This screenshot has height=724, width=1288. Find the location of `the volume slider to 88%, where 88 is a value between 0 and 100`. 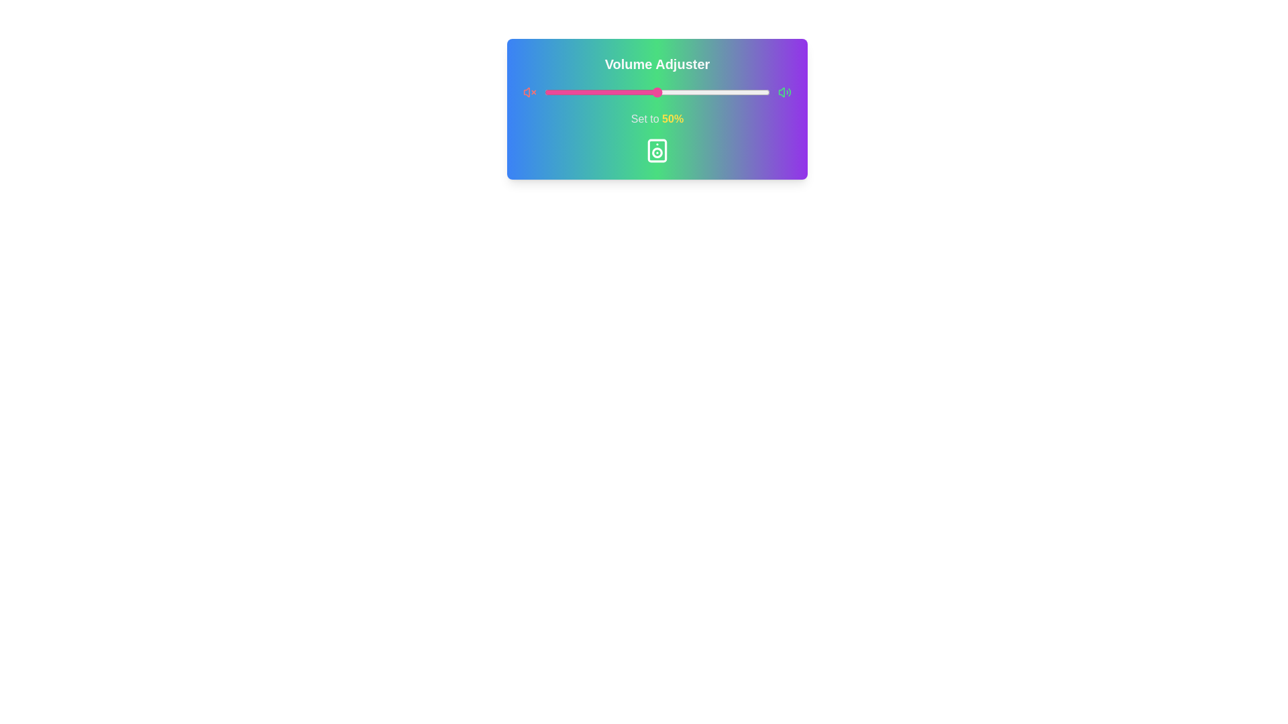

the volume slider to 88%, where 88 is a value between 0 and 100 is located at coordinates (741, 92).